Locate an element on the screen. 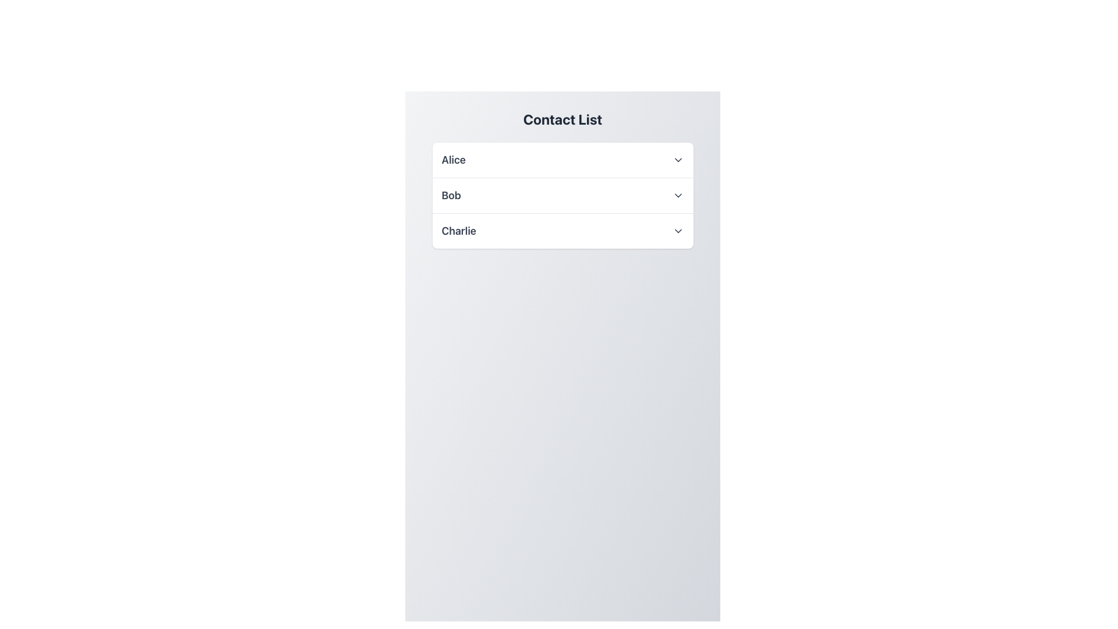  the chevron icon located to the far-right of the 'Alice' label is located at coordinates (678, 160).